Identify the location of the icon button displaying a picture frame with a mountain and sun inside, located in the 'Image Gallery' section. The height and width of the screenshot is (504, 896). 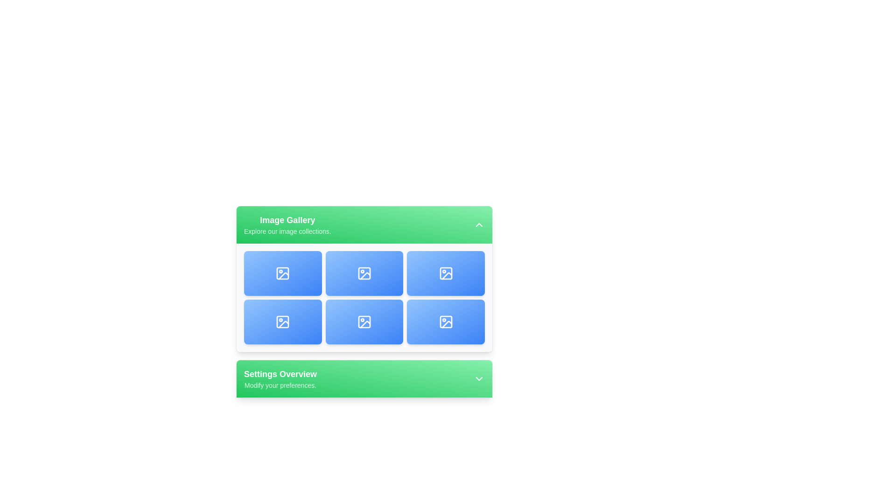
(364, 273).